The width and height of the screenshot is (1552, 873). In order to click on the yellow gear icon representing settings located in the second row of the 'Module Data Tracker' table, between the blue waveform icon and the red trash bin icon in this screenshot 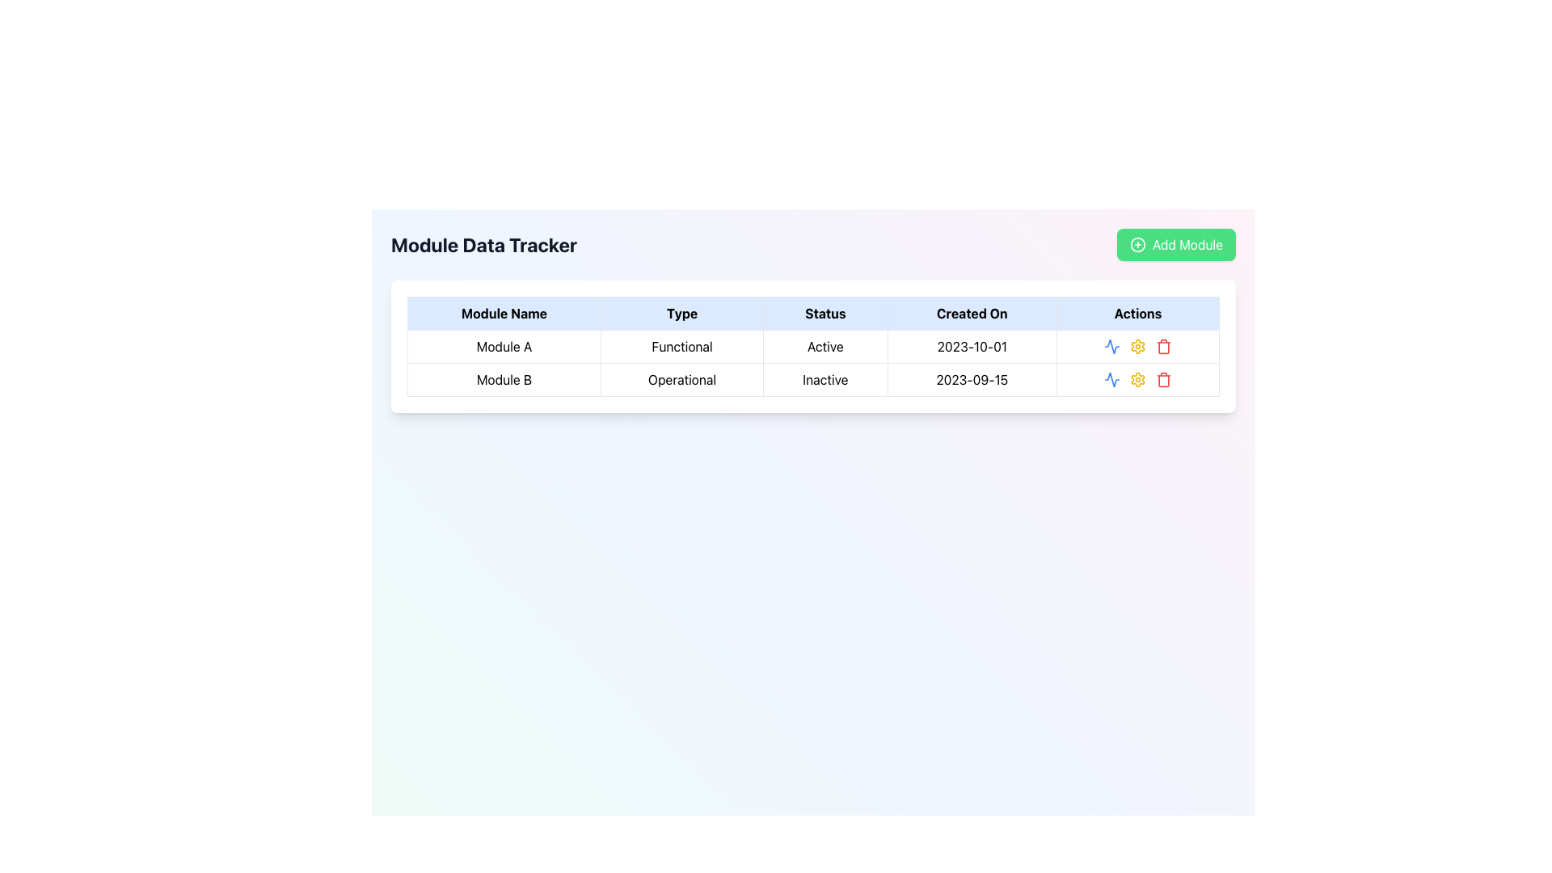, I will do `click(1137, 380)`.